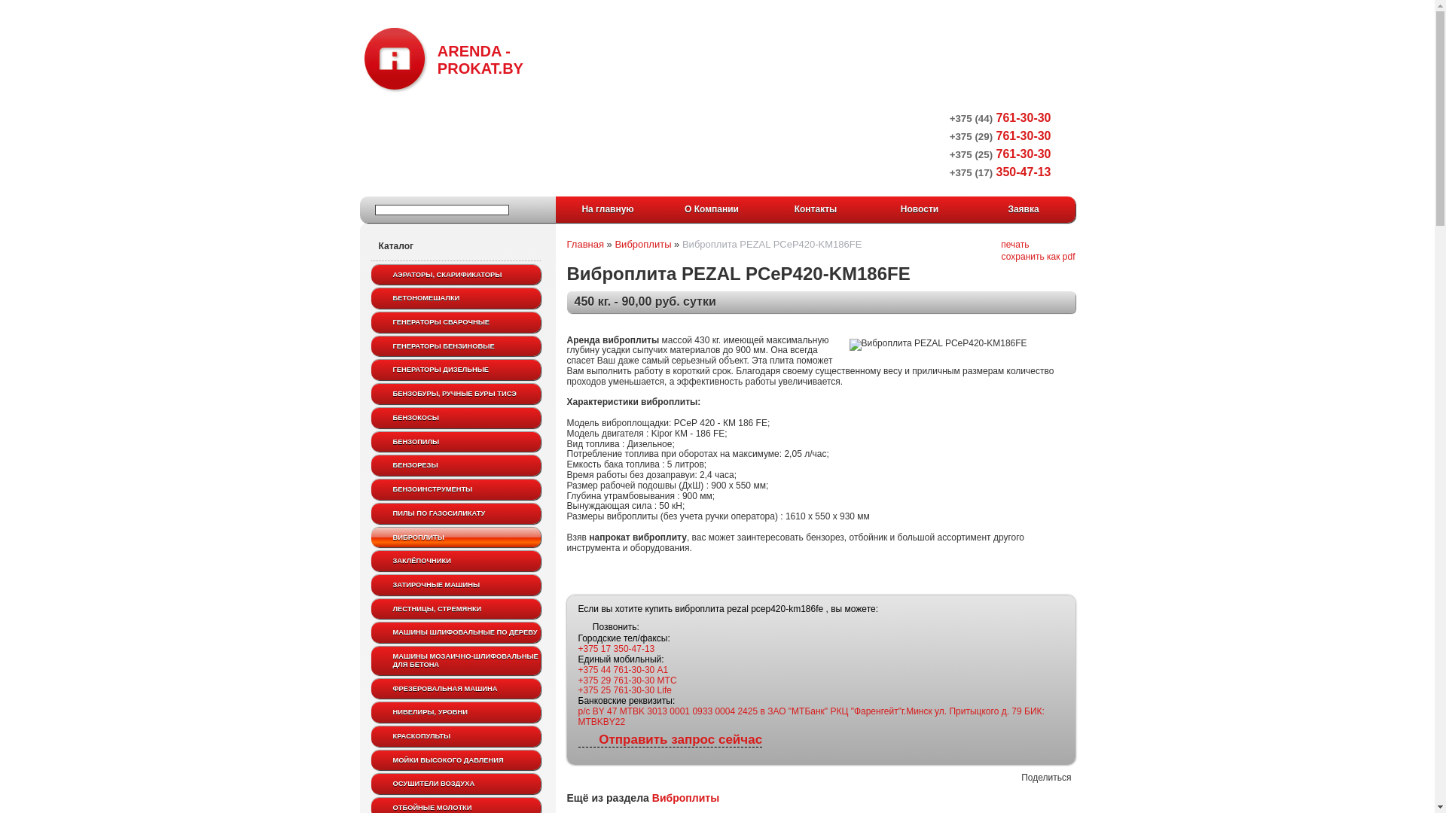 The height and width of the screenshot is (813, 1446). Describe the element at coordinates (624, 669) in the screenshot. I see `'+375 44 761-30-30 A1'` at that location.